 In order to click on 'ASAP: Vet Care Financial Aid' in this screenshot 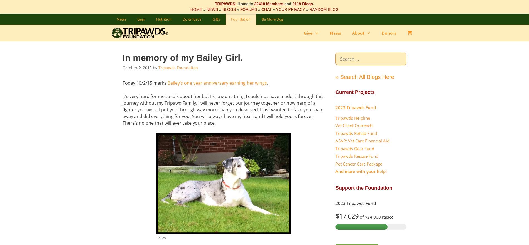, I will do `click(362, 141)`.